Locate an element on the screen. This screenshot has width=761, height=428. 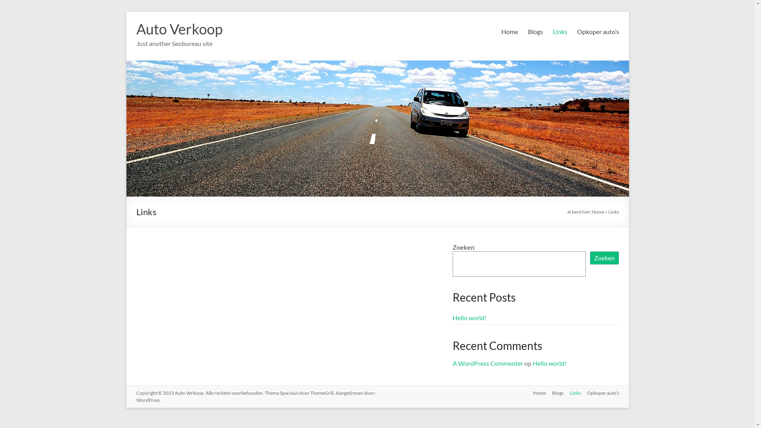
'Auto Verkoop' is located at coordinates (179, 29).